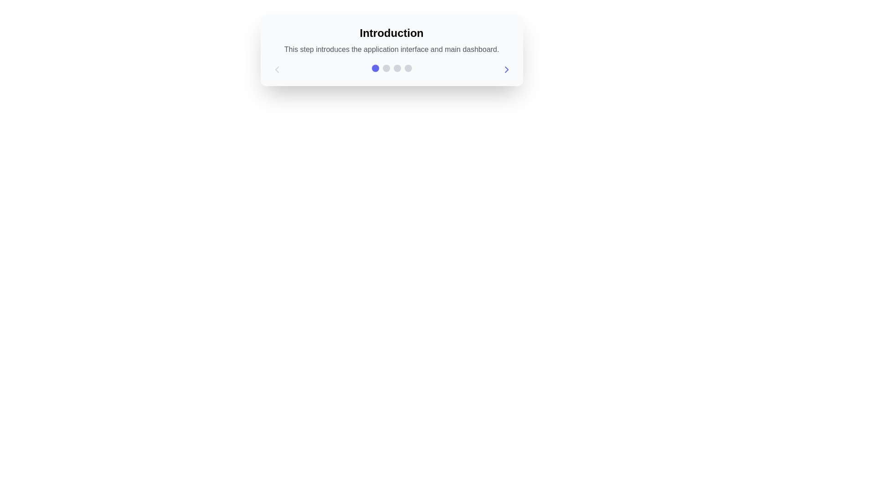  Describe the element at coordinates (407, 68) in the screenshot. I see `the fourth and last Progress Indicator Dot located at the bottom of the 'Introduction' card` at that location.